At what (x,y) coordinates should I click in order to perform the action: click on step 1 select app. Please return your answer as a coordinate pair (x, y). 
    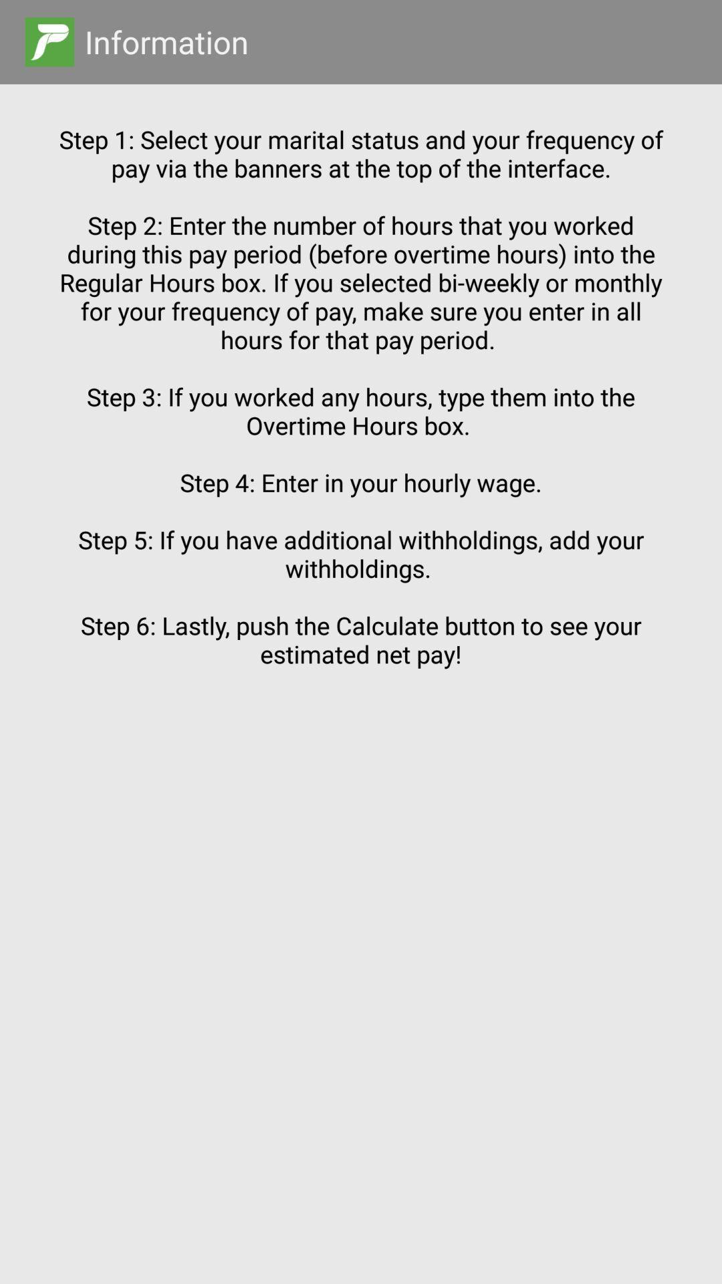
    Looking at the image, I should click on (361, 659).